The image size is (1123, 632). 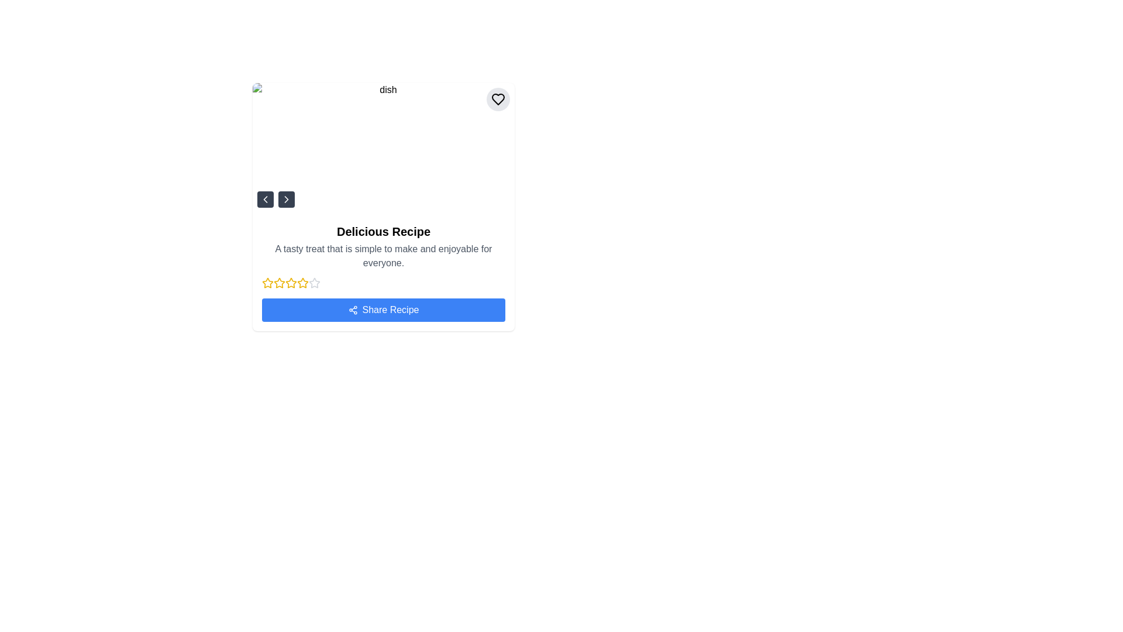 What do you see at coordinates (291, 283) in the screenshot?
I see `the fourth star in the rating mechanism to rate it on the recipe card` at bounding box center [291, 283].